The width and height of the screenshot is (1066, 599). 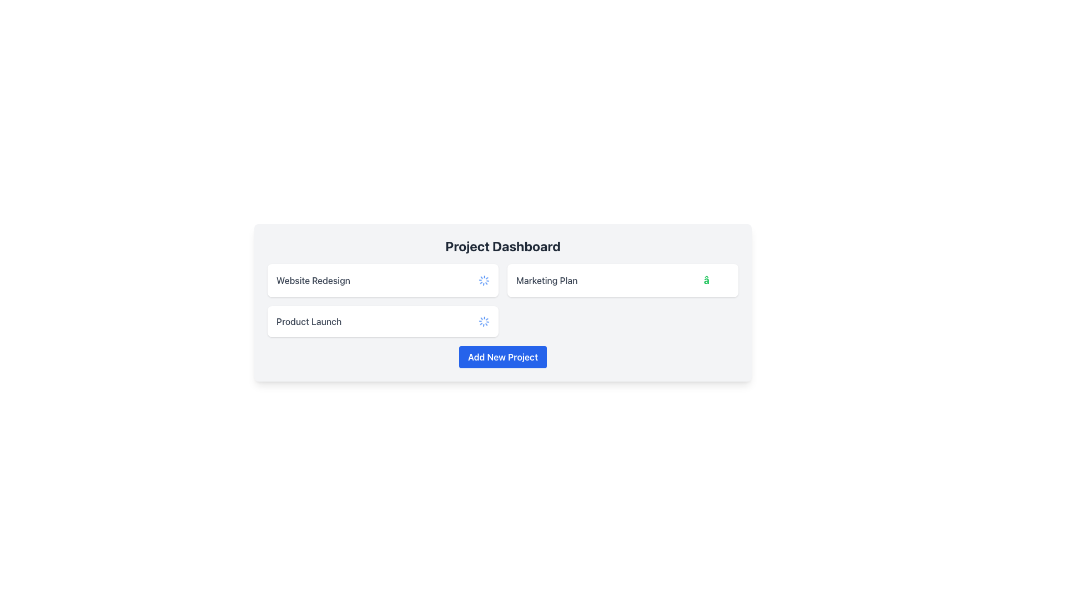 I want to click on the text label that identifies the associated content or project category within the dashboard, located in the horizontal center of the dashboard interface, so click(x=547, y=280).